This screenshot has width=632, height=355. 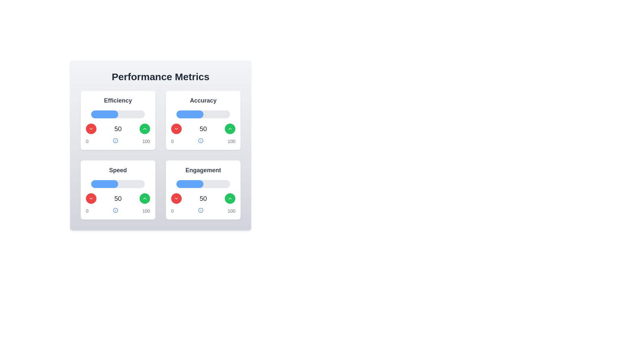 I want to click on the progress bar or slider, so click(x=140, y=184).